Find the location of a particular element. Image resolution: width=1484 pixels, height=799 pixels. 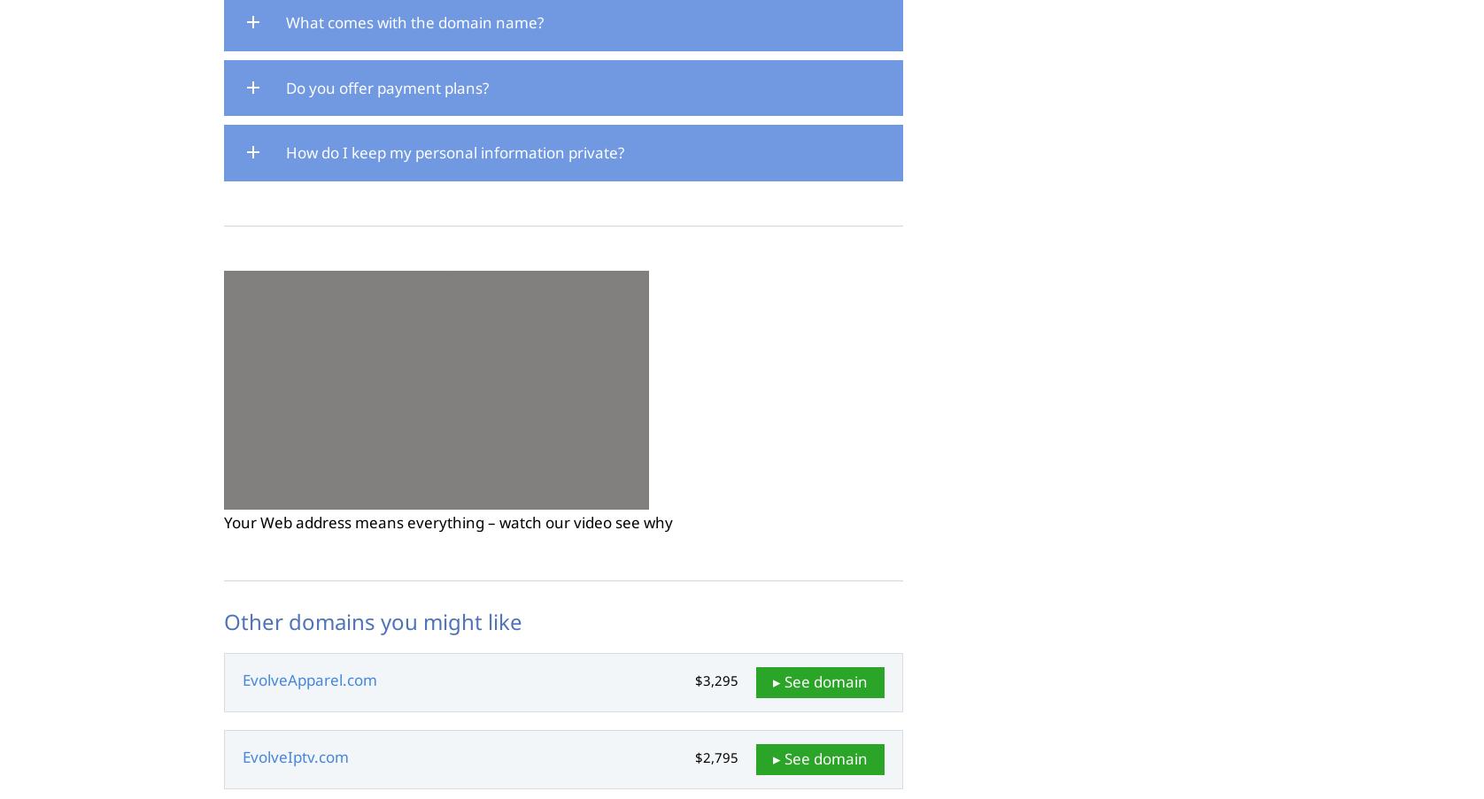

'EvolveIptv.com' is located at coordinates (295, 757).